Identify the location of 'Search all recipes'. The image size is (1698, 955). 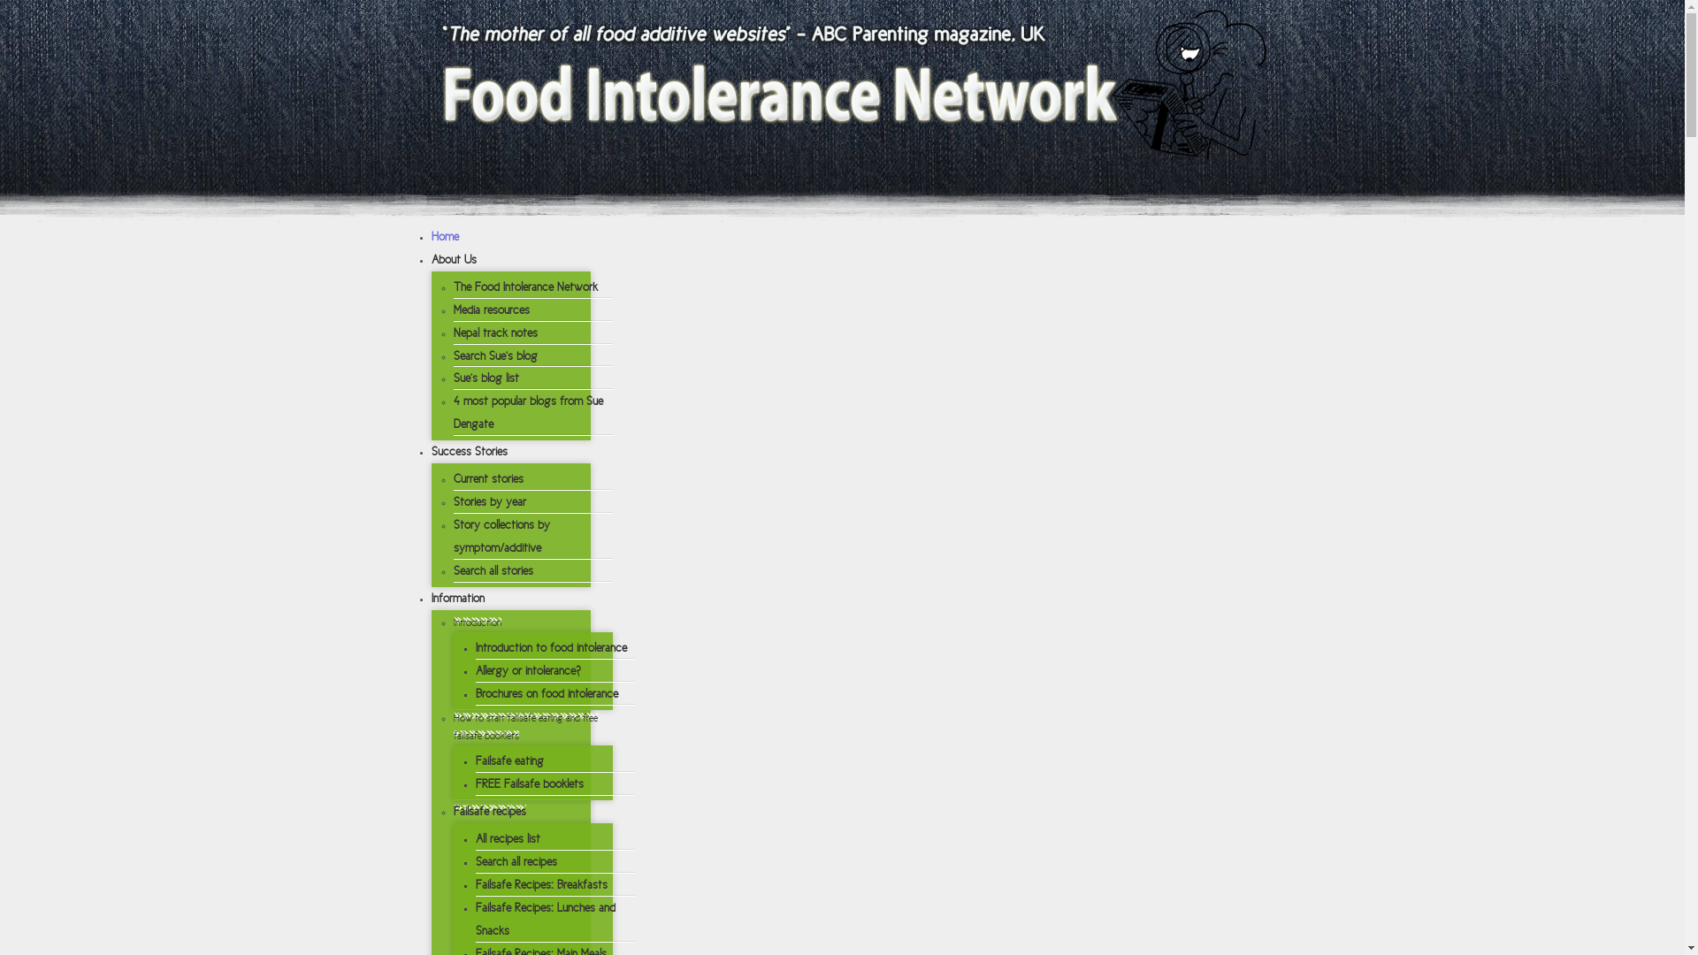
(516, 860).